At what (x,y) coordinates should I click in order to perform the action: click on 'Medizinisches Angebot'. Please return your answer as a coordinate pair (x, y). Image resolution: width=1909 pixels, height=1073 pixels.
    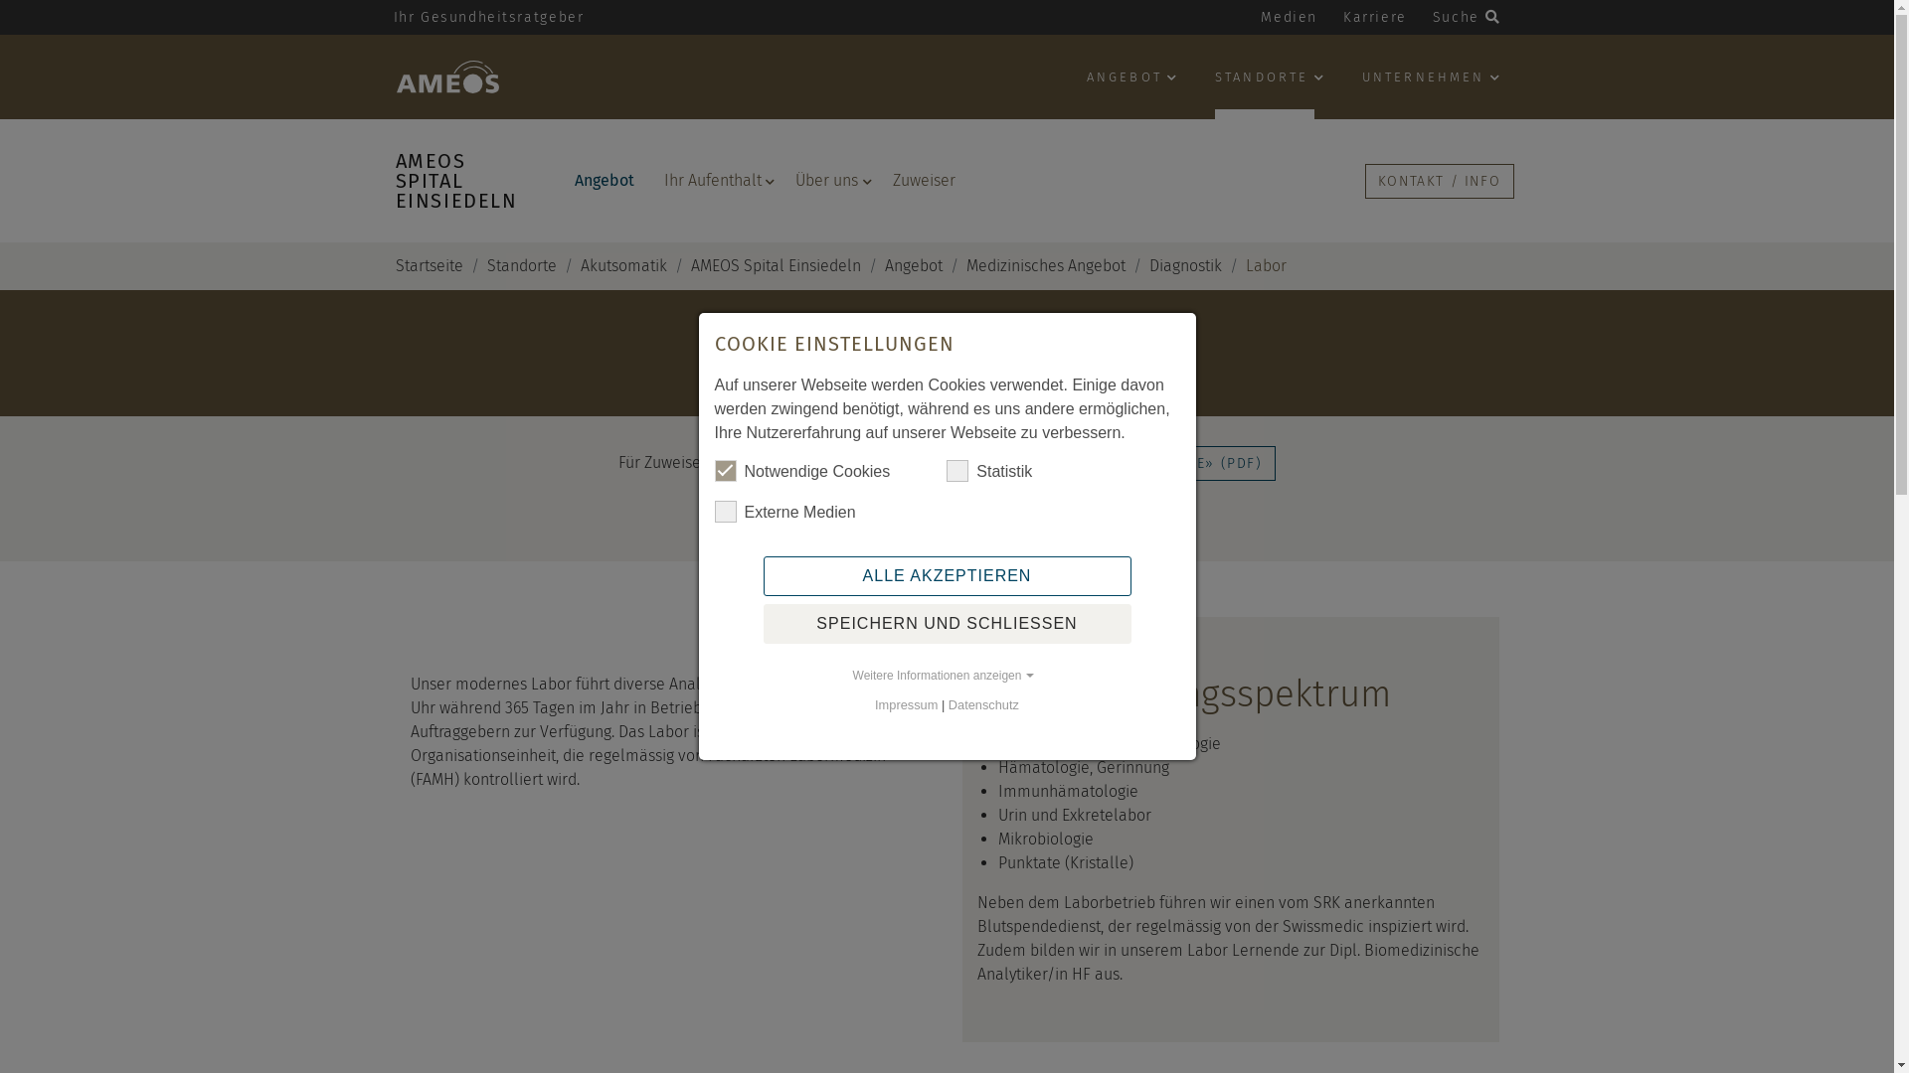
    Looking at the image, I should click on (1044, 264).